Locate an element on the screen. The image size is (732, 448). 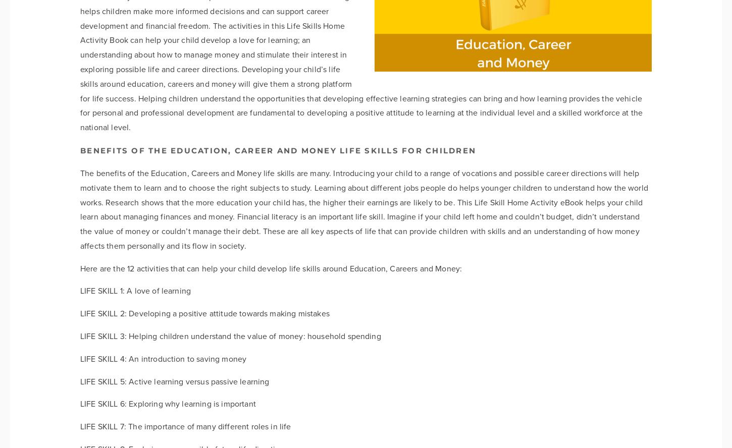
'LIFE SKILL 4: An introduction to saving money' is located at coordinates (163, 358).